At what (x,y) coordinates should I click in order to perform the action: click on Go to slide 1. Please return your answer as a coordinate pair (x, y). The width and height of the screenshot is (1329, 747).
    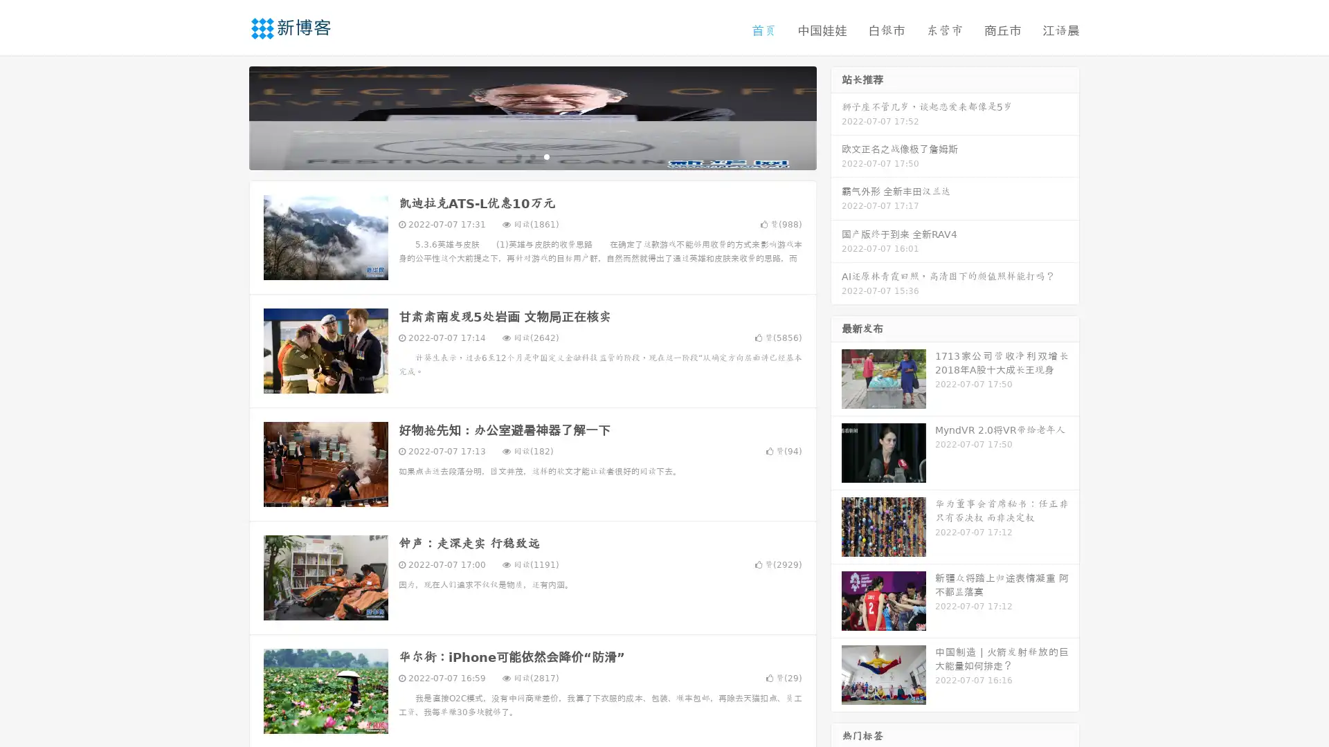
    Looking at the image, I should click on (518, 156).